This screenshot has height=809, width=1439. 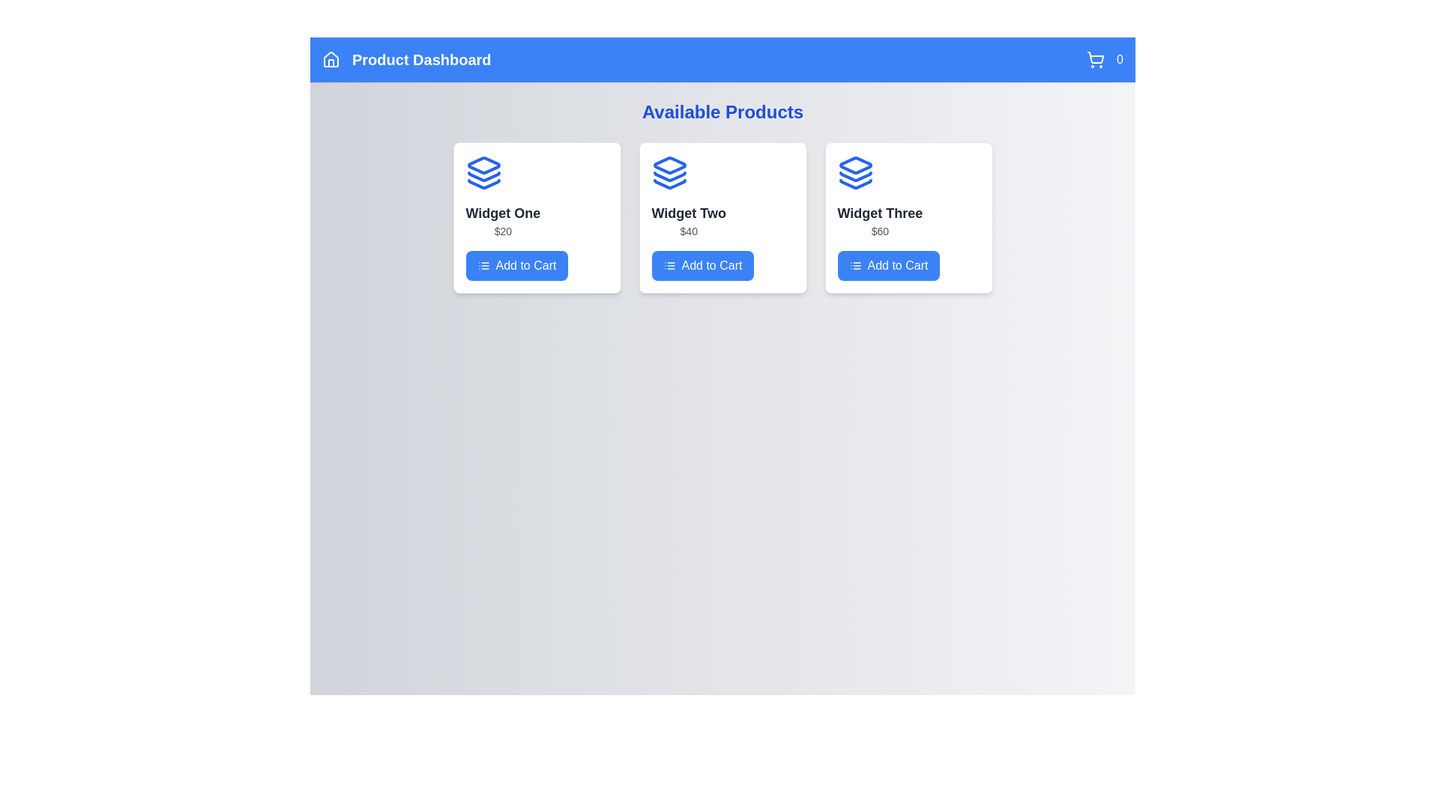 What do you see at coordinates (669, 184) in the screenshot?
I see `the decorative icon at the bottom of the layered icon on the card labeled 'Widget Two', located in the second column of the product grid` at bounding box center [669, 184].